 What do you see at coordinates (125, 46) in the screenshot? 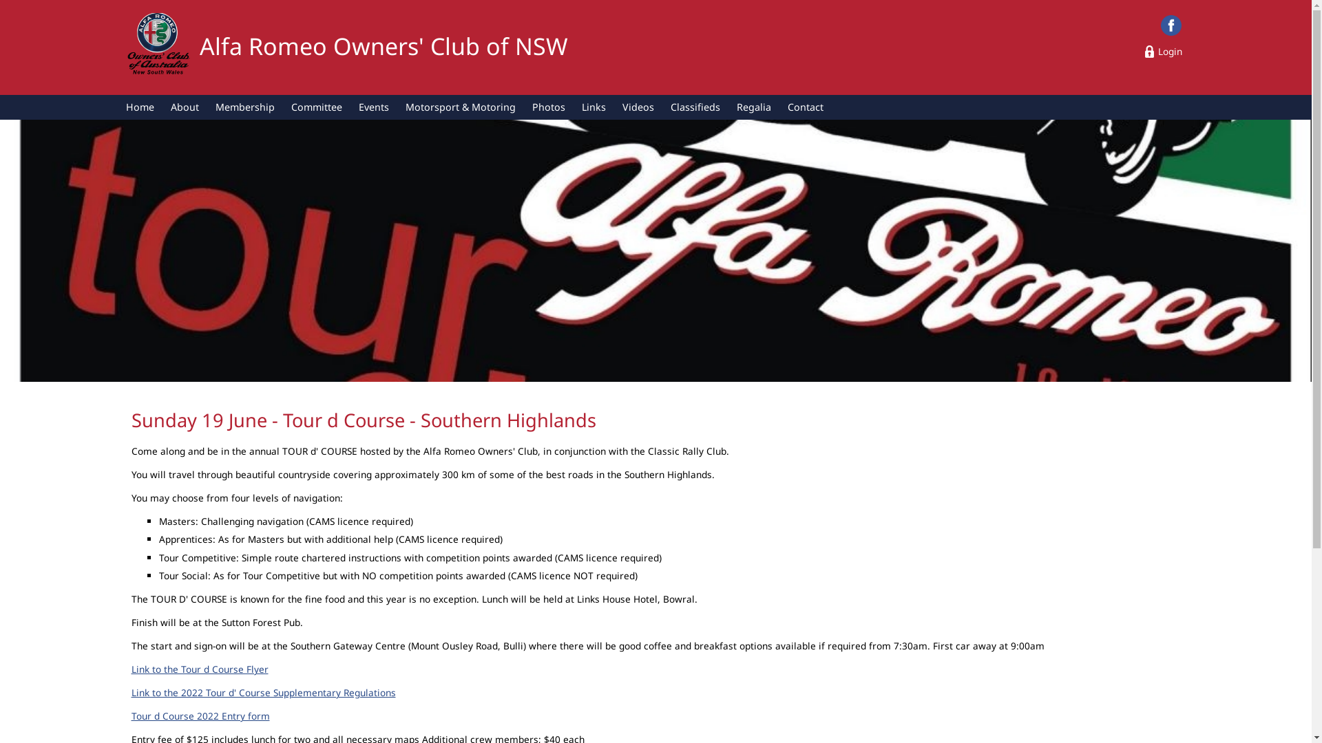
I see `'Alfa Romeo Owners' Club of NSW logo'` at bounding box center [125, 46].